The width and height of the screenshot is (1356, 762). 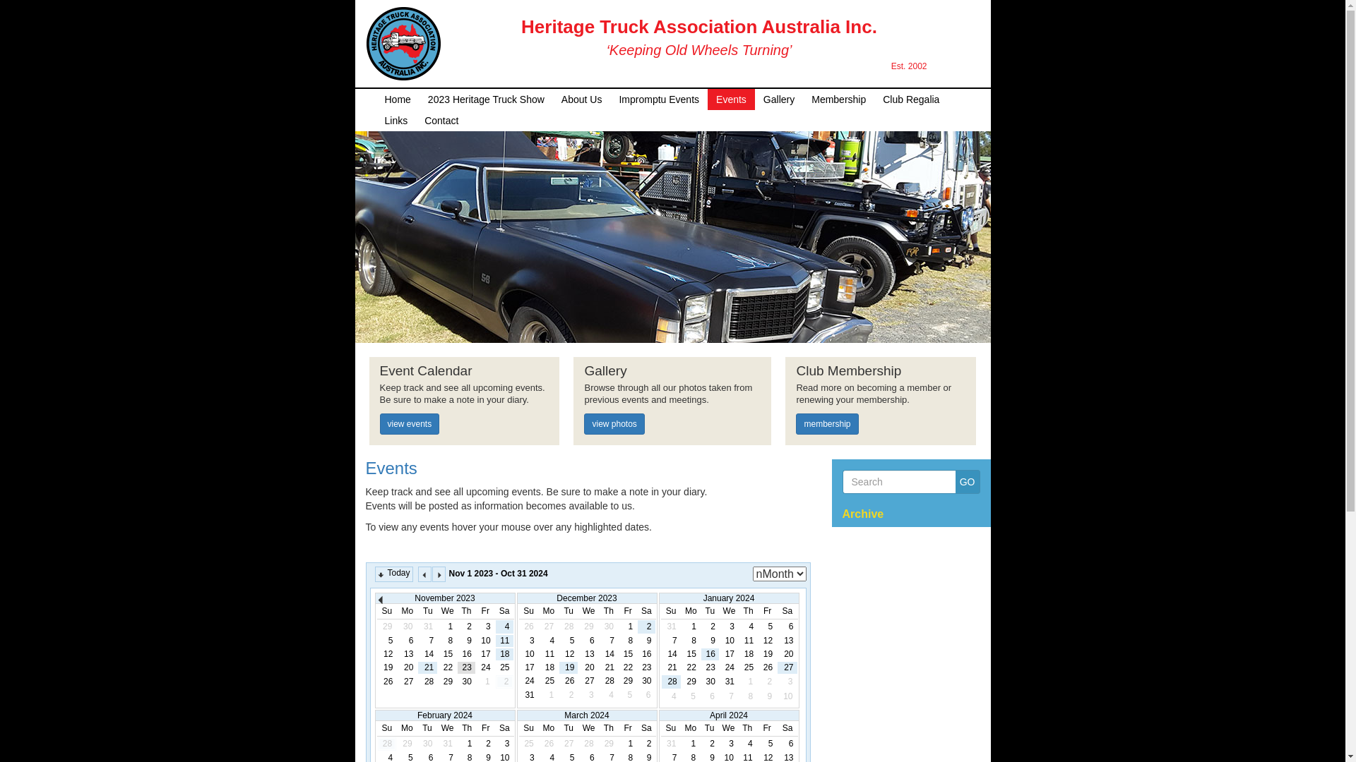 I want to click on '9', so click(x=466, y=641).